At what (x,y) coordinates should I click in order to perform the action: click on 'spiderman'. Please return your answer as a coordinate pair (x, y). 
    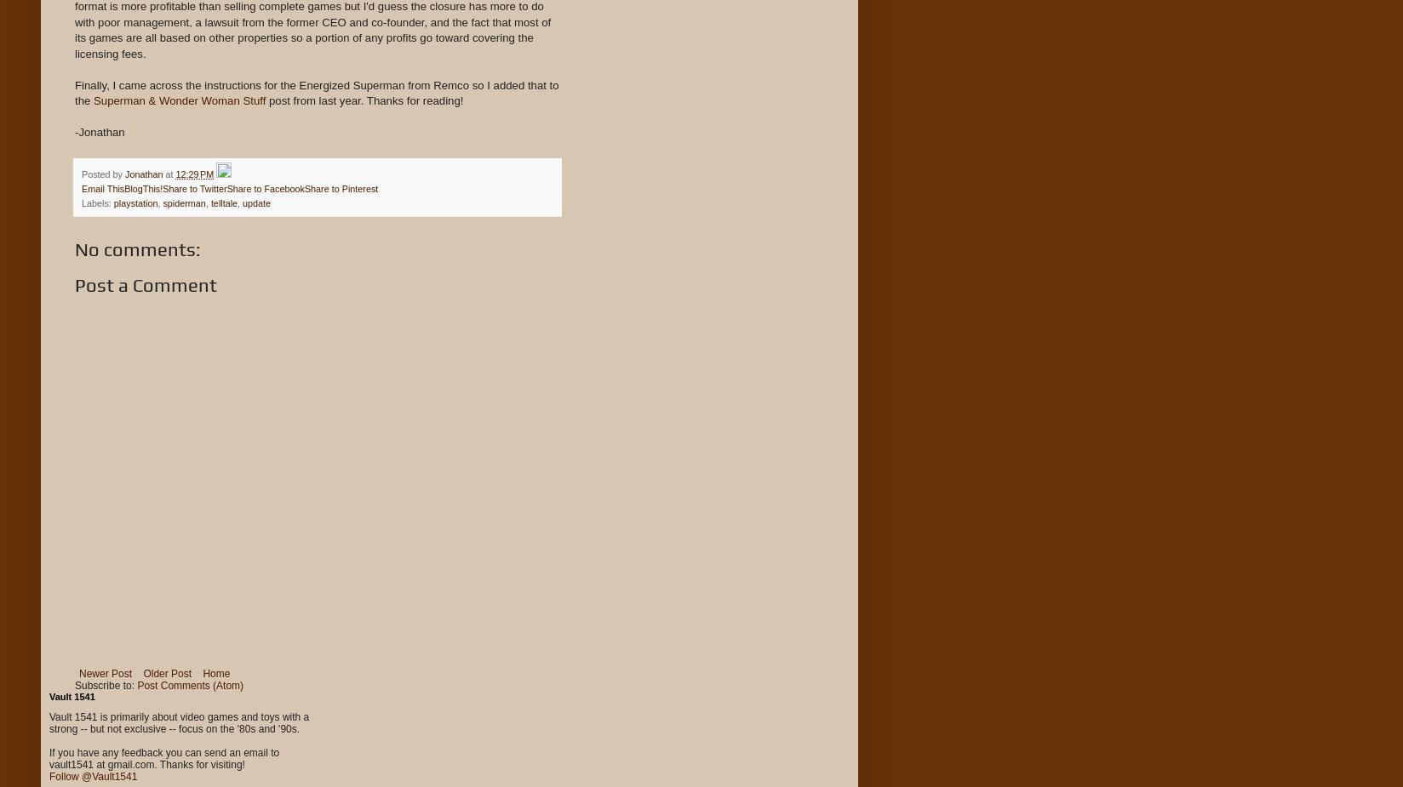
    Looking at the image, I should click on (183, 202).